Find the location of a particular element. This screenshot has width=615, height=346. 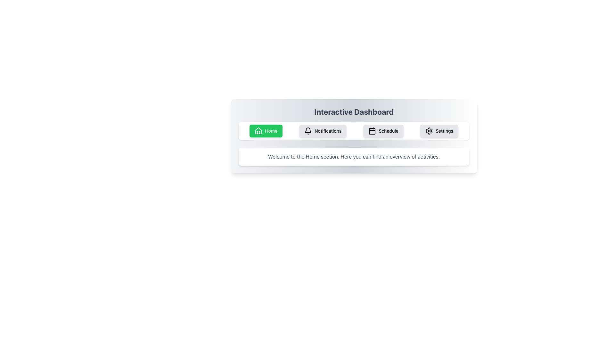

the navigation bar is located at coordinates (353, 130).